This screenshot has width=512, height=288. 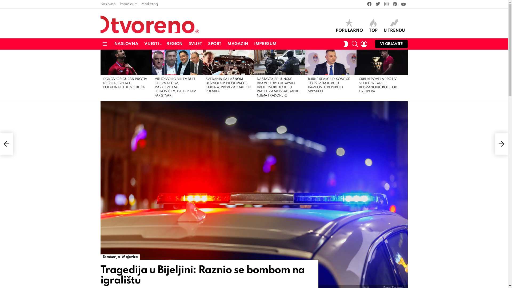 I want to click on 'U TRENDU', so click(x=381, y=26).